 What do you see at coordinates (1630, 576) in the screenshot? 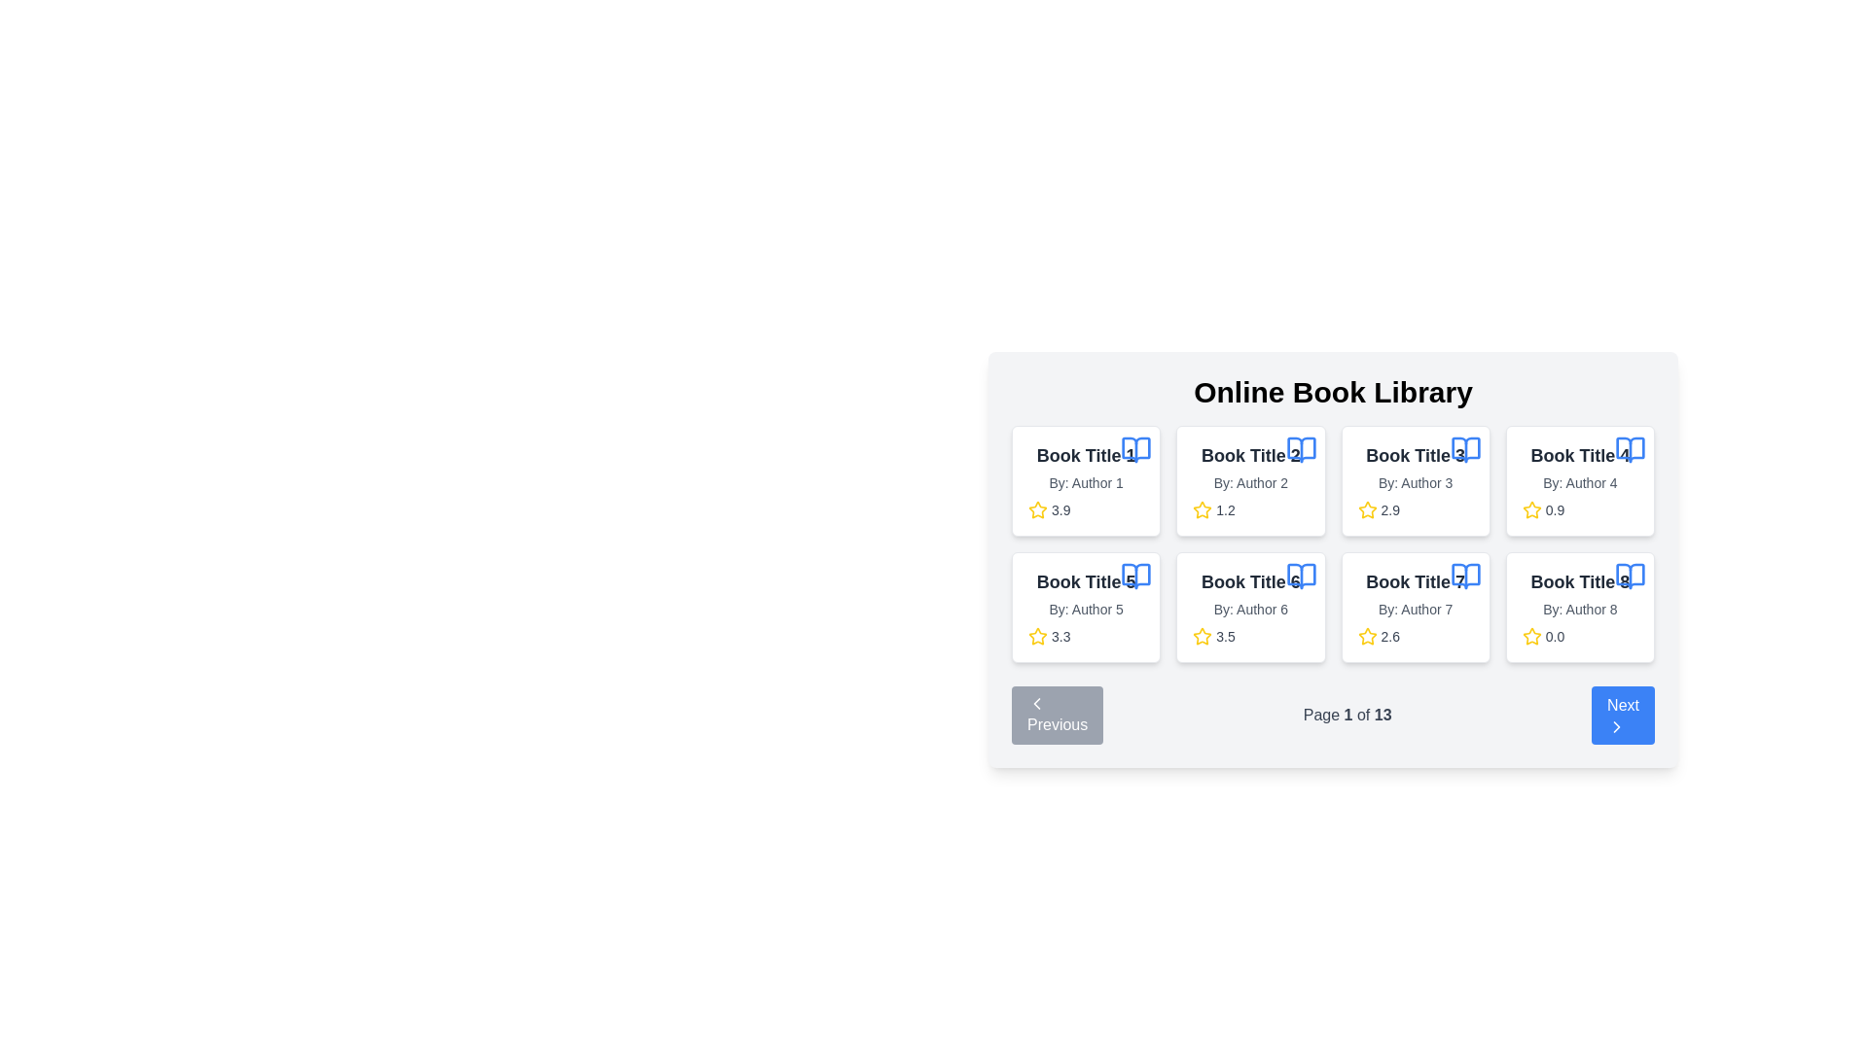
I see `the blue vector icon representing an open book, located in the bottom-right corner of the 'Book Title 8' item card in the grid layout` at bounding box center [1630, 576].